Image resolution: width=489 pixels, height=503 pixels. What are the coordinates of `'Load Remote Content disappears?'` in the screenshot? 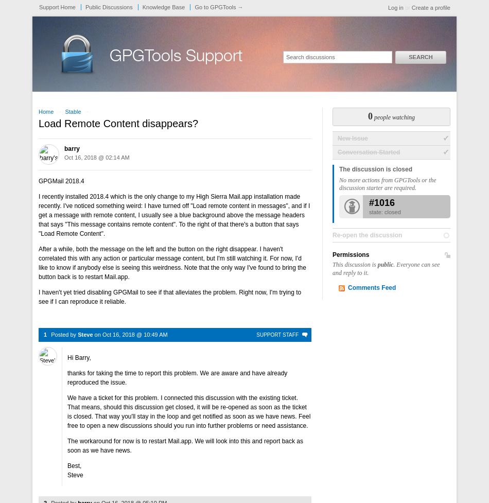 It's located at (118, 123).